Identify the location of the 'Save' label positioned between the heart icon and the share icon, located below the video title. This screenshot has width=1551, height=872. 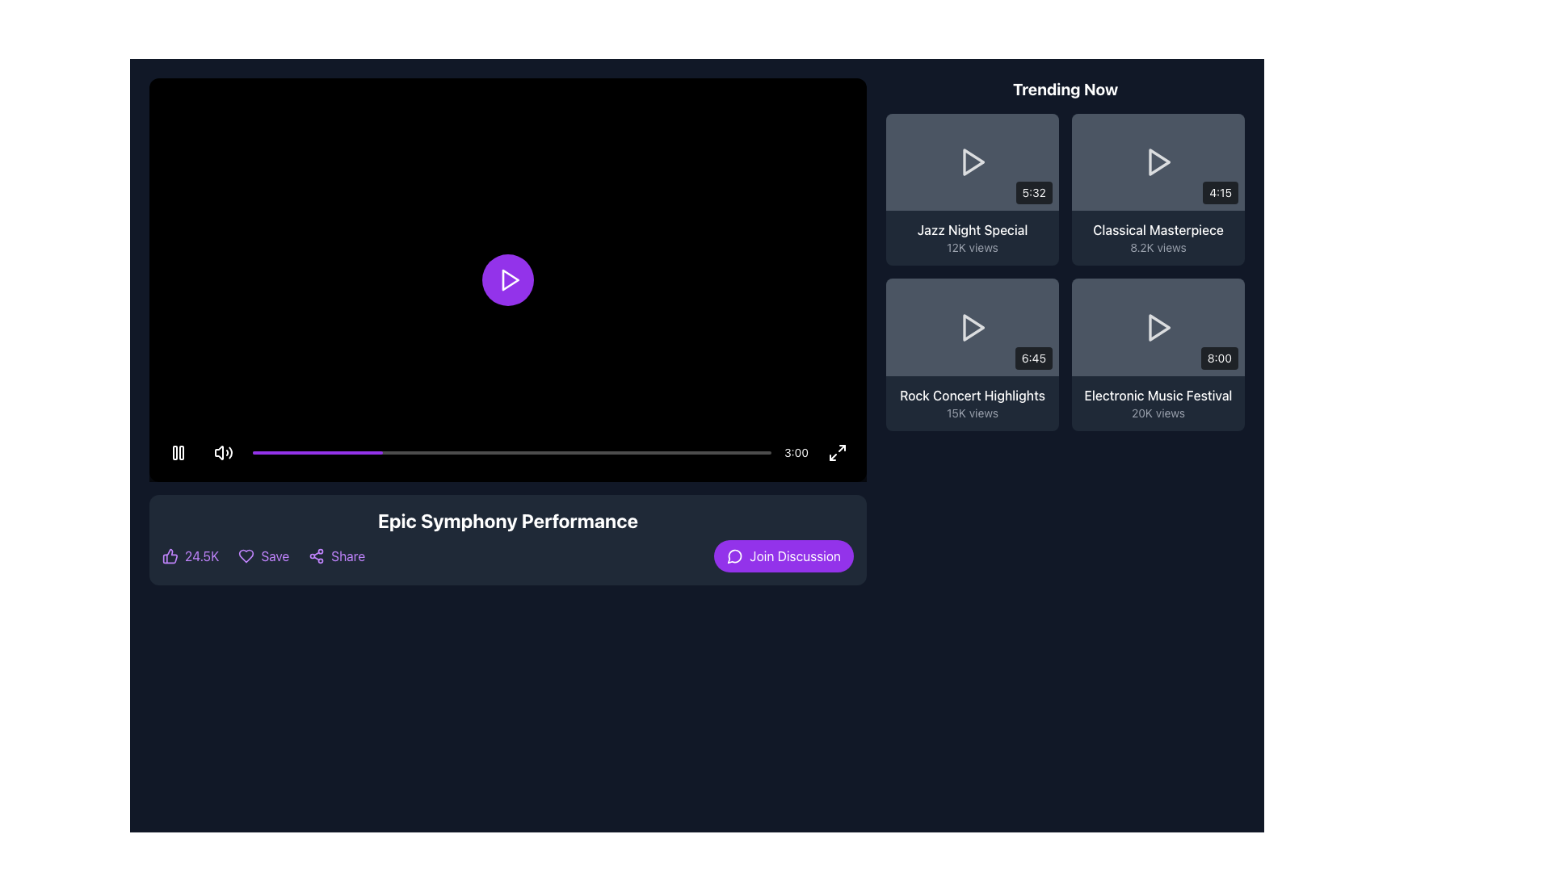
(275, 555).